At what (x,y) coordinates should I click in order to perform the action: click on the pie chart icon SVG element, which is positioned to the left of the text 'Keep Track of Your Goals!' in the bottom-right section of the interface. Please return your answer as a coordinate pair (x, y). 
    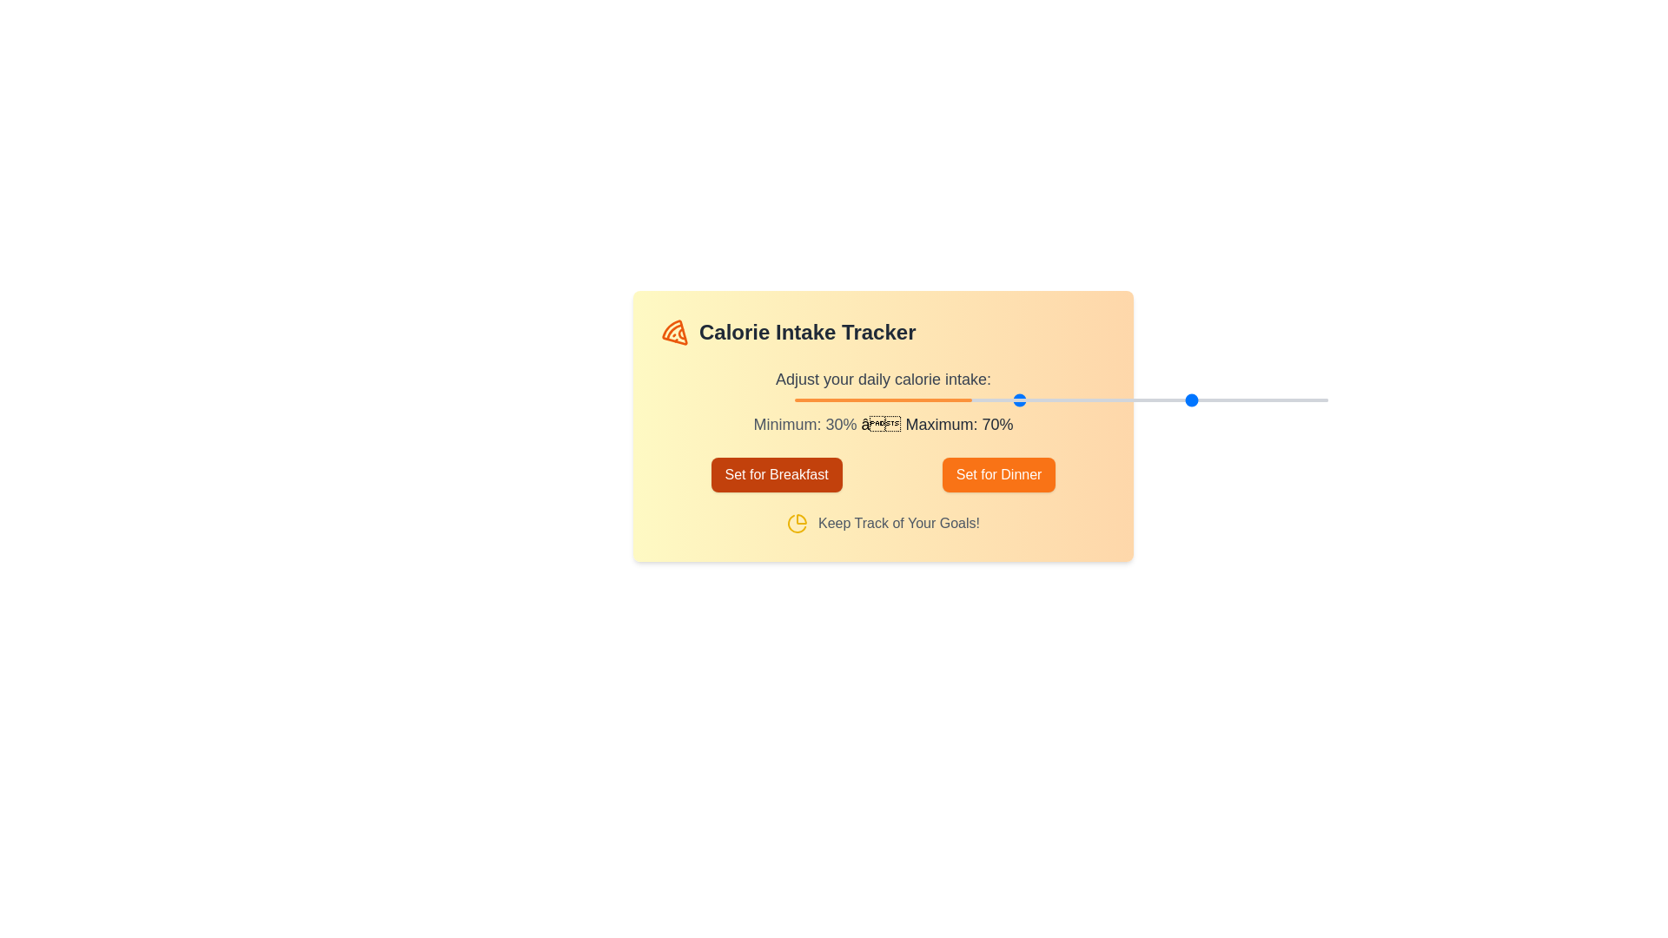
    Looking at the image, I should click on (797, 522).